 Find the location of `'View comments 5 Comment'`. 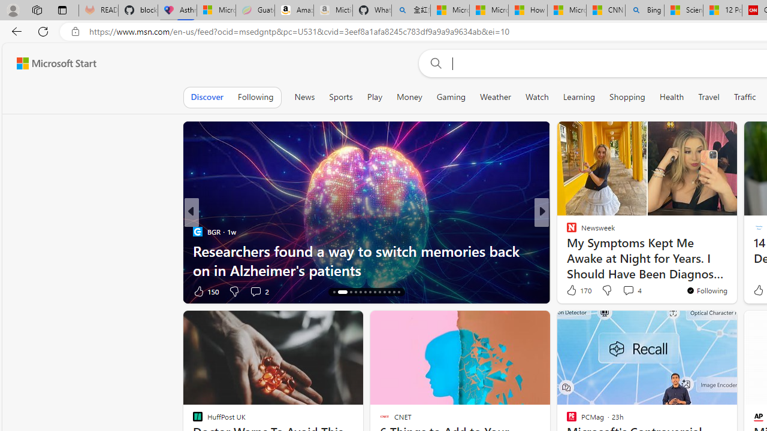

'View comments 5 Comment' is located at coordinates (621, 291).